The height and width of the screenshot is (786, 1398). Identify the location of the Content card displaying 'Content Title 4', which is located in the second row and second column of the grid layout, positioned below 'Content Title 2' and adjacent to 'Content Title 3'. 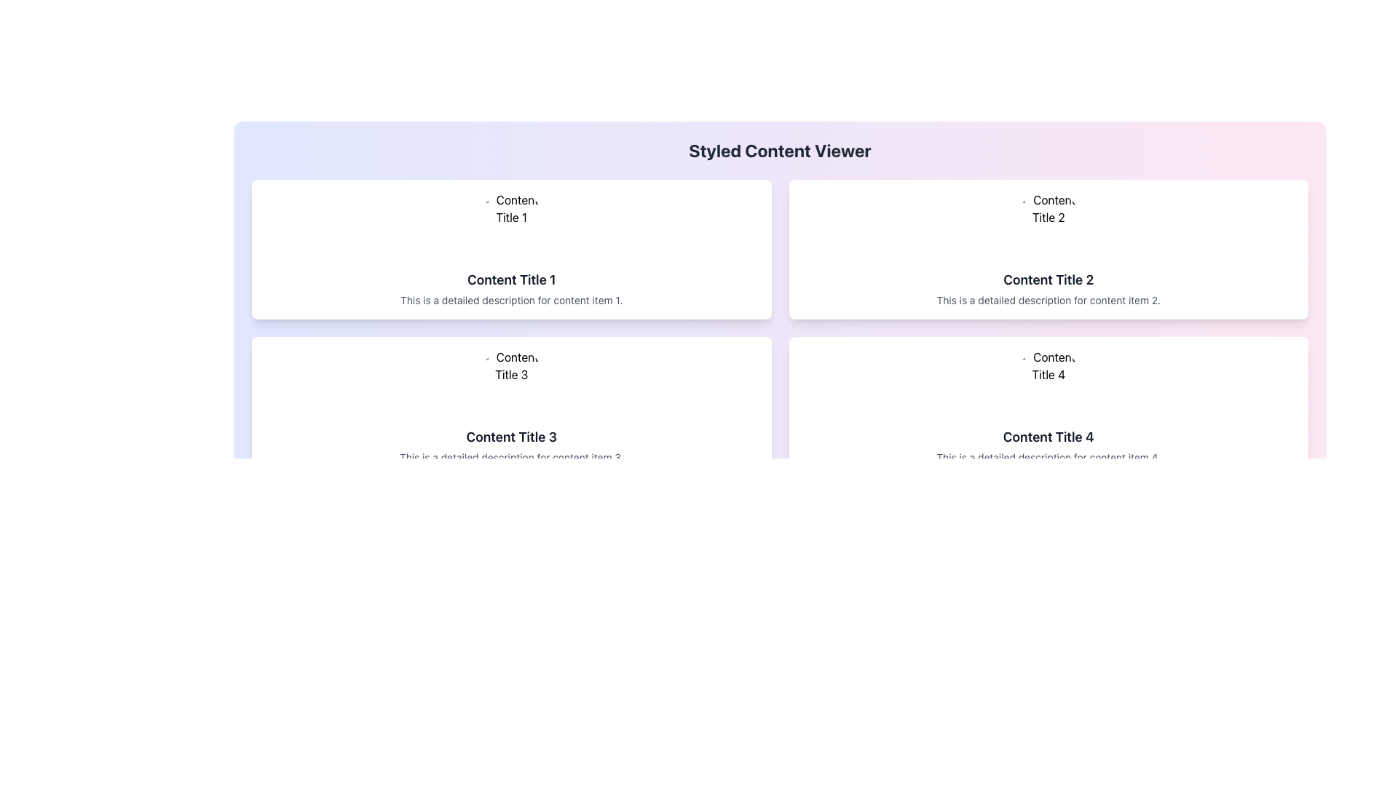
(1048, 407).